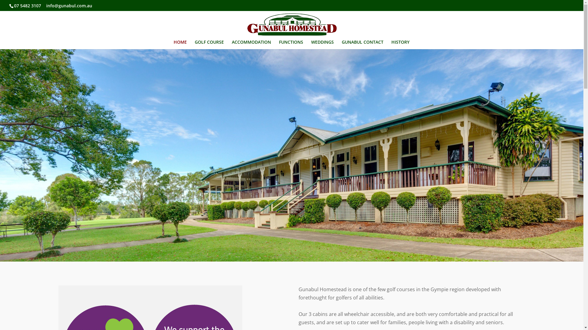  I want to click on 'WEDDINGS', so click(322, 44).